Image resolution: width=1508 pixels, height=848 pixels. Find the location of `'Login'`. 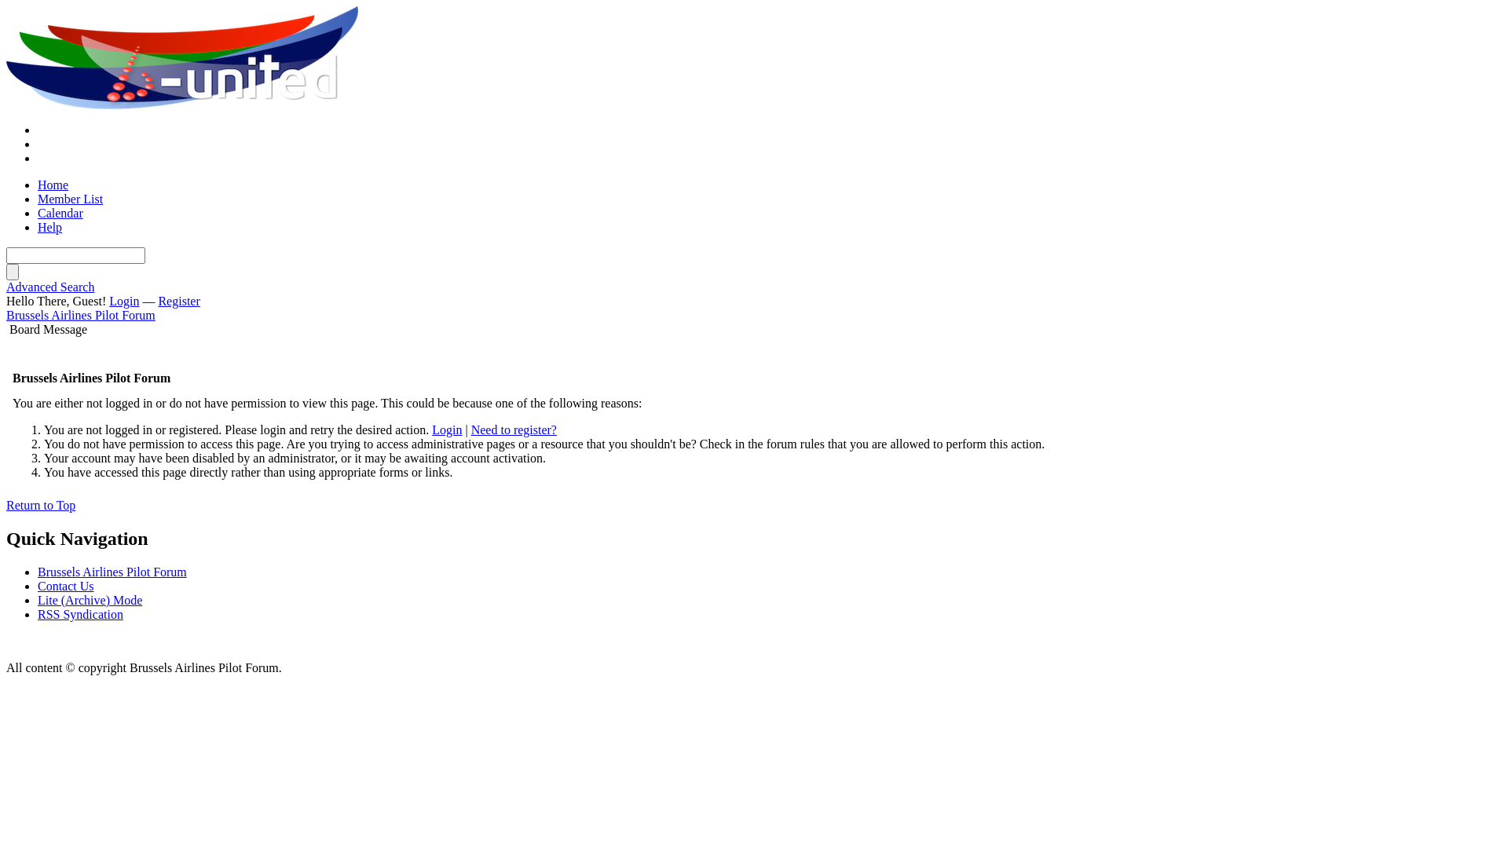

'Login' is located at coordinates (446, 429).